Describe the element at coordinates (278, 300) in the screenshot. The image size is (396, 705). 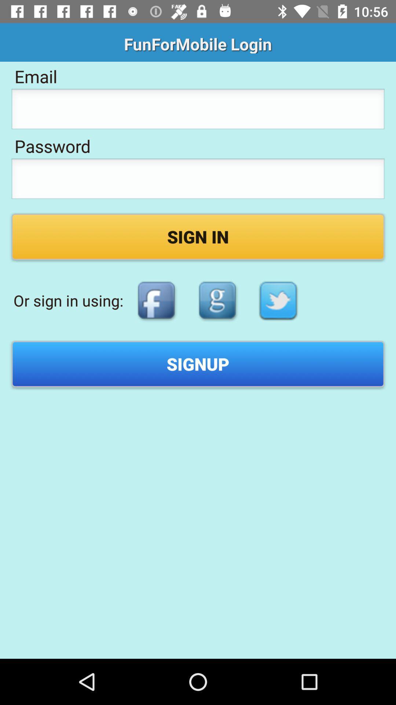
I see `sign in with twitter` at that location.